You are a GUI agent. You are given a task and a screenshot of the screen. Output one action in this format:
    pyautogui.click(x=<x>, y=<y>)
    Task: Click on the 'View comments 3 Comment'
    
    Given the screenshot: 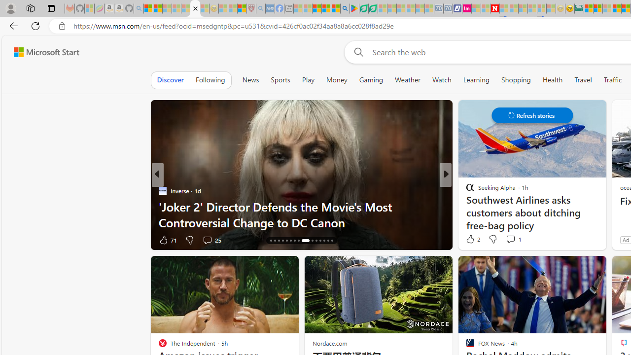 What is the action you would take?
    pyautogui.click(x=511, y=240)
    